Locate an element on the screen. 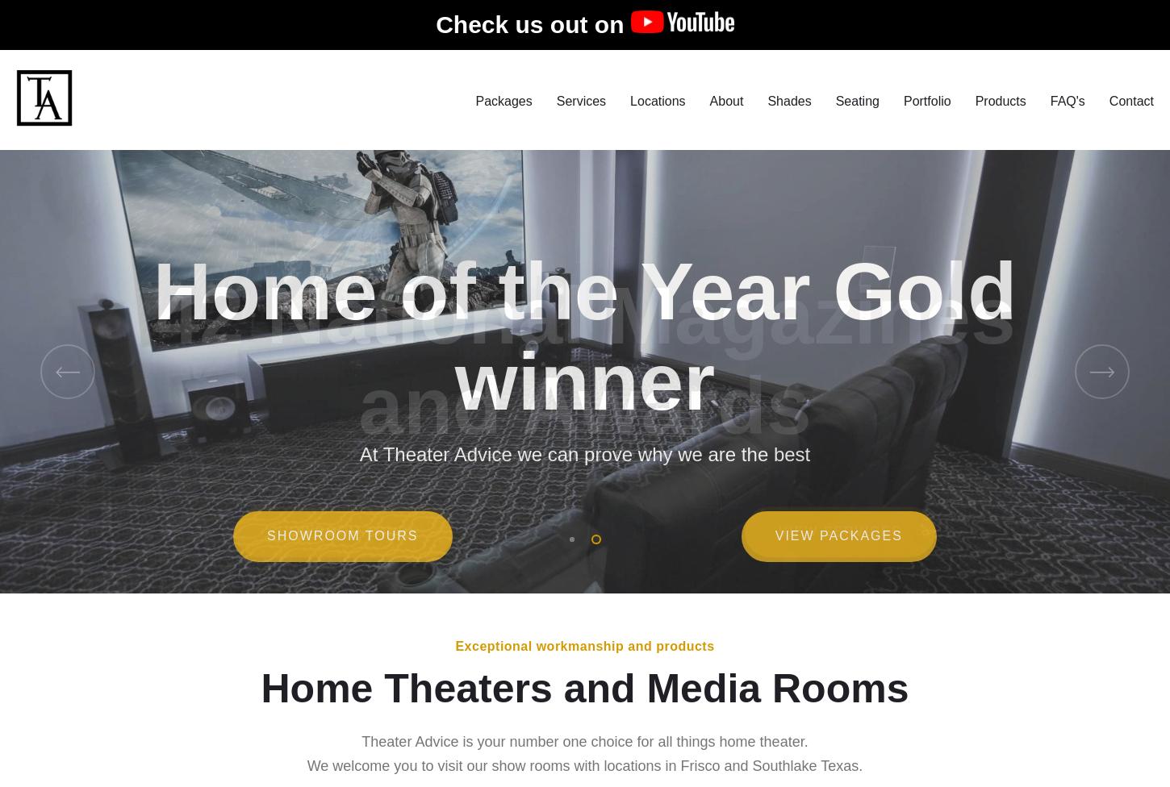  'Products' is located at coordinates (1000, 108).